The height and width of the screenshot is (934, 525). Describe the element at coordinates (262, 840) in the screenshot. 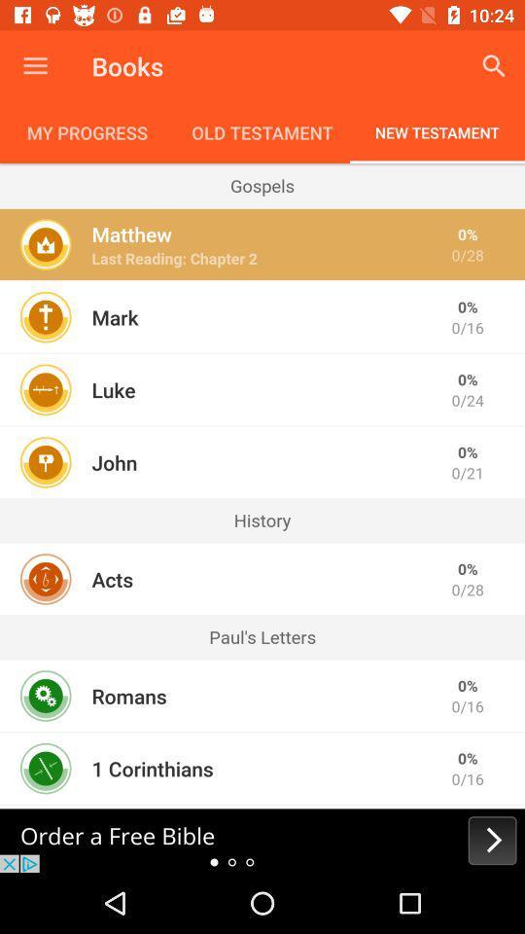

I see `advertisement to order bible for free` at that location.